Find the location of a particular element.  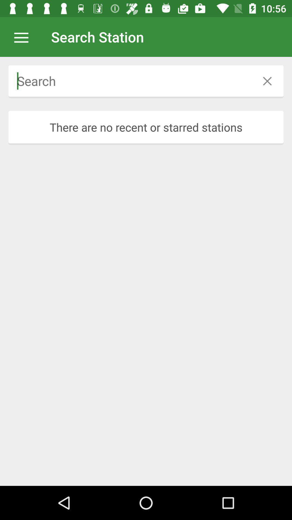

icon above there are no is located at coordinates (267, 81).